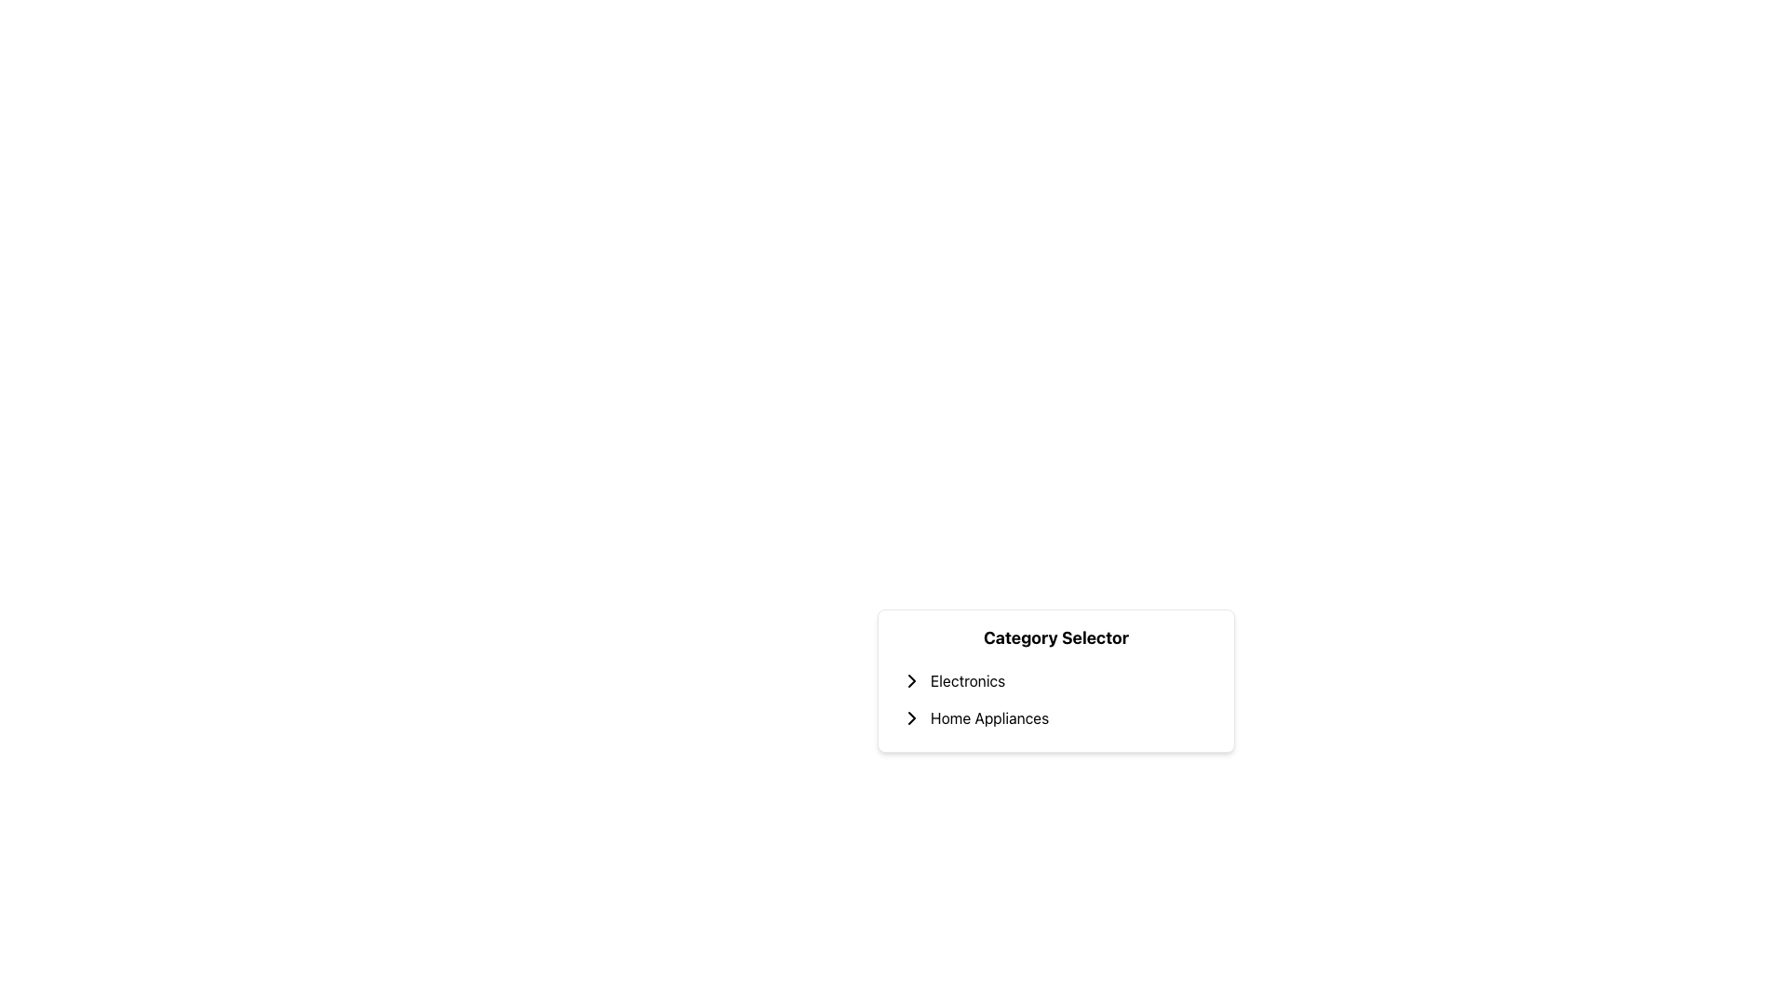  What do you see at coordinates (968, 681) in the screenshot?
I see `the 'Electronics' category text label` at bounding box center [968, 681].